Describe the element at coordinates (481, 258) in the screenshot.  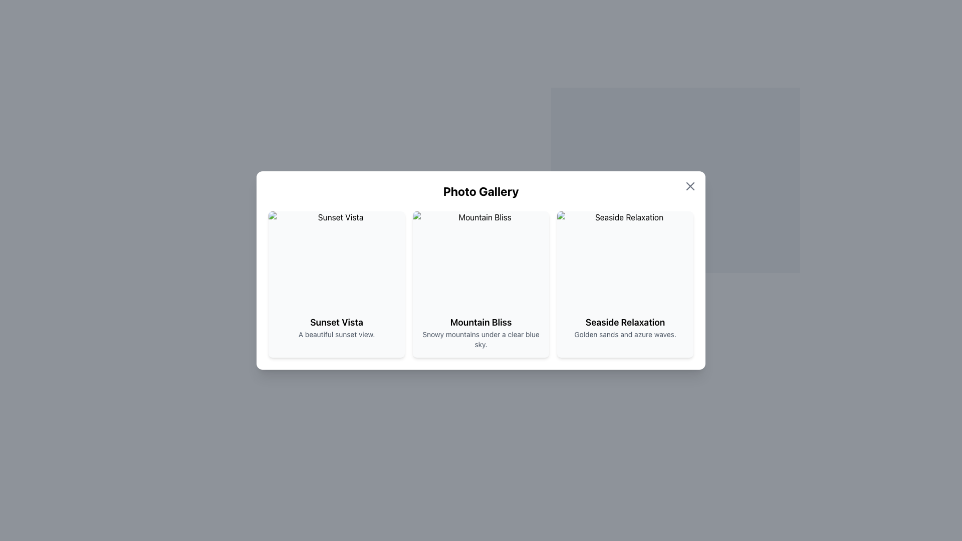
I see `the 'Mountain Bliss' image` at that location.